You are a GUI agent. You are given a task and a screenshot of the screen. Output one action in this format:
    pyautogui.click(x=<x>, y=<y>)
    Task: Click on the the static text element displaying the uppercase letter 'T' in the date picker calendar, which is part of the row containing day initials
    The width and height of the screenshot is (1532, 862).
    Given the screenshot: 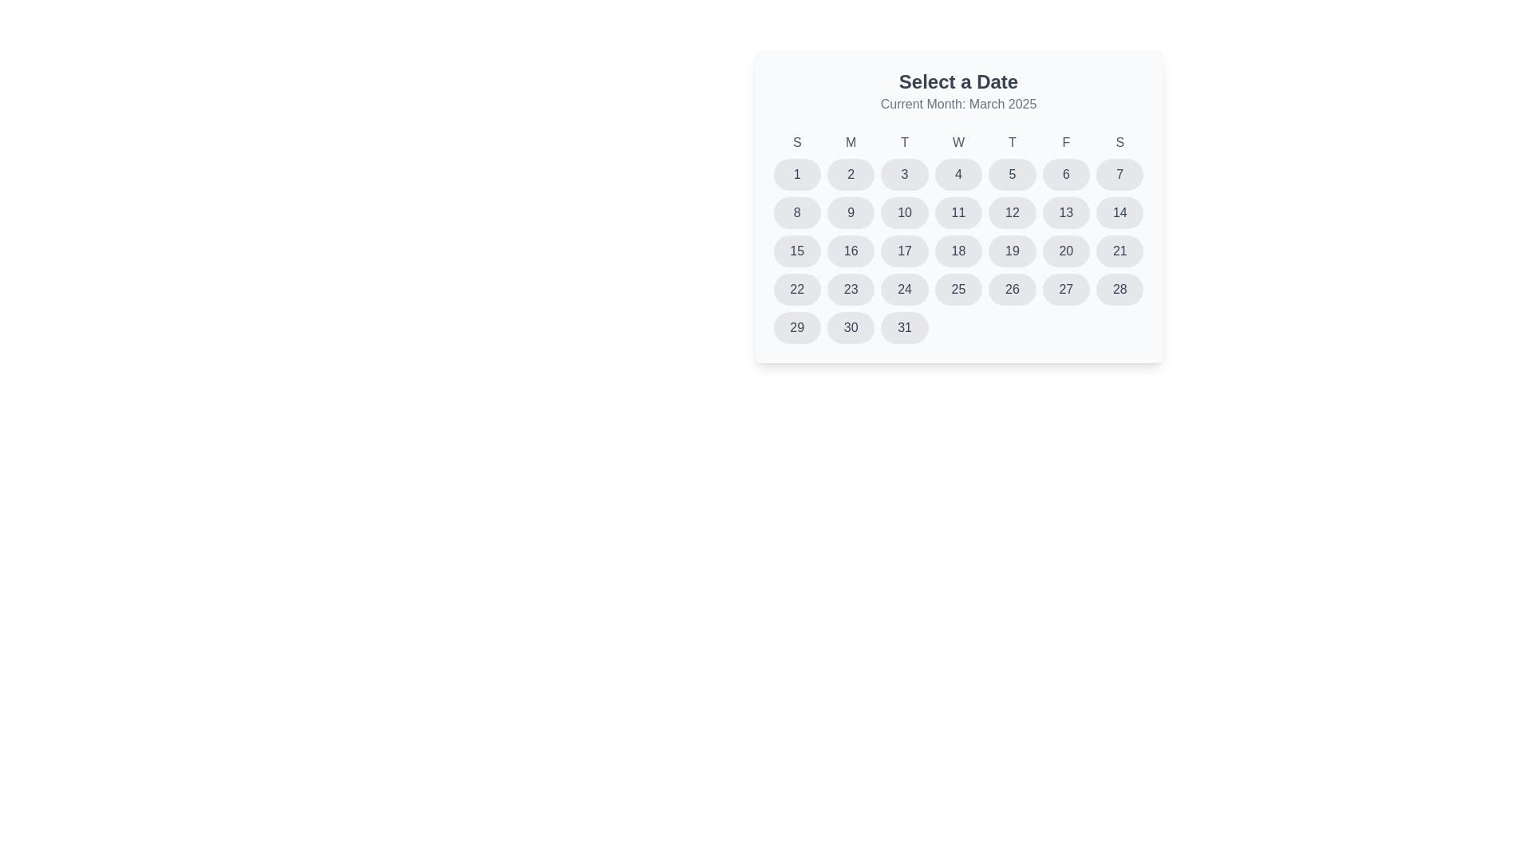 What is the action you would take?
    pyautogui.click(x=1011, y=141)
    